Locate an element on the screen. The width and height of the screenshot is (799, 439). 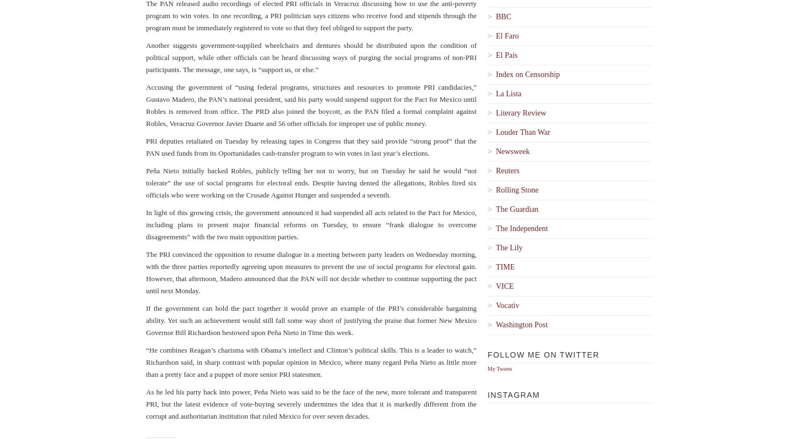
'In light of this growing crisis, the government announced it had suspended all acts related to the Pact for Mexico, including plans to present major financial reforms on Tuesday, to ensure “frank dialogue to overcome disagreements” with the two main opposition parties.' is located at coordinates (146, 224).